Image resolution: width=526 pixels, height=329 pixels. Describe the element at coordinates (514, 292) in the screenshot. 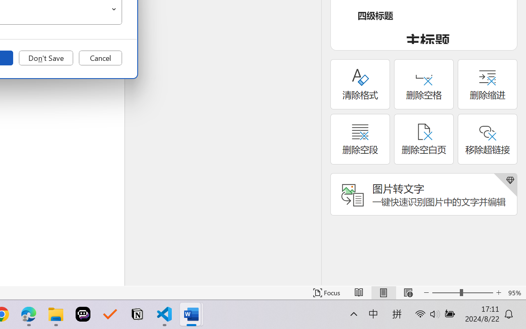

I see `'Zoom 95%'` at that location.